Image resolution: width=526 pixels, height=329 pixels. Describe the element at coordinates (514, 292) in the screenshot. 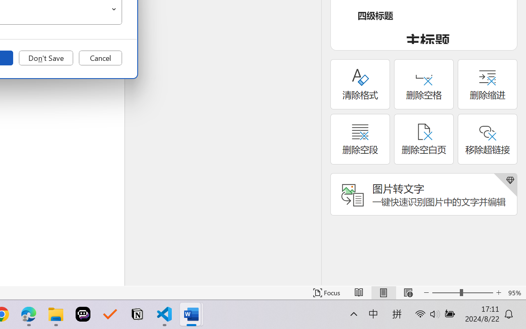

I see `'Zoom 95%'` at that location.